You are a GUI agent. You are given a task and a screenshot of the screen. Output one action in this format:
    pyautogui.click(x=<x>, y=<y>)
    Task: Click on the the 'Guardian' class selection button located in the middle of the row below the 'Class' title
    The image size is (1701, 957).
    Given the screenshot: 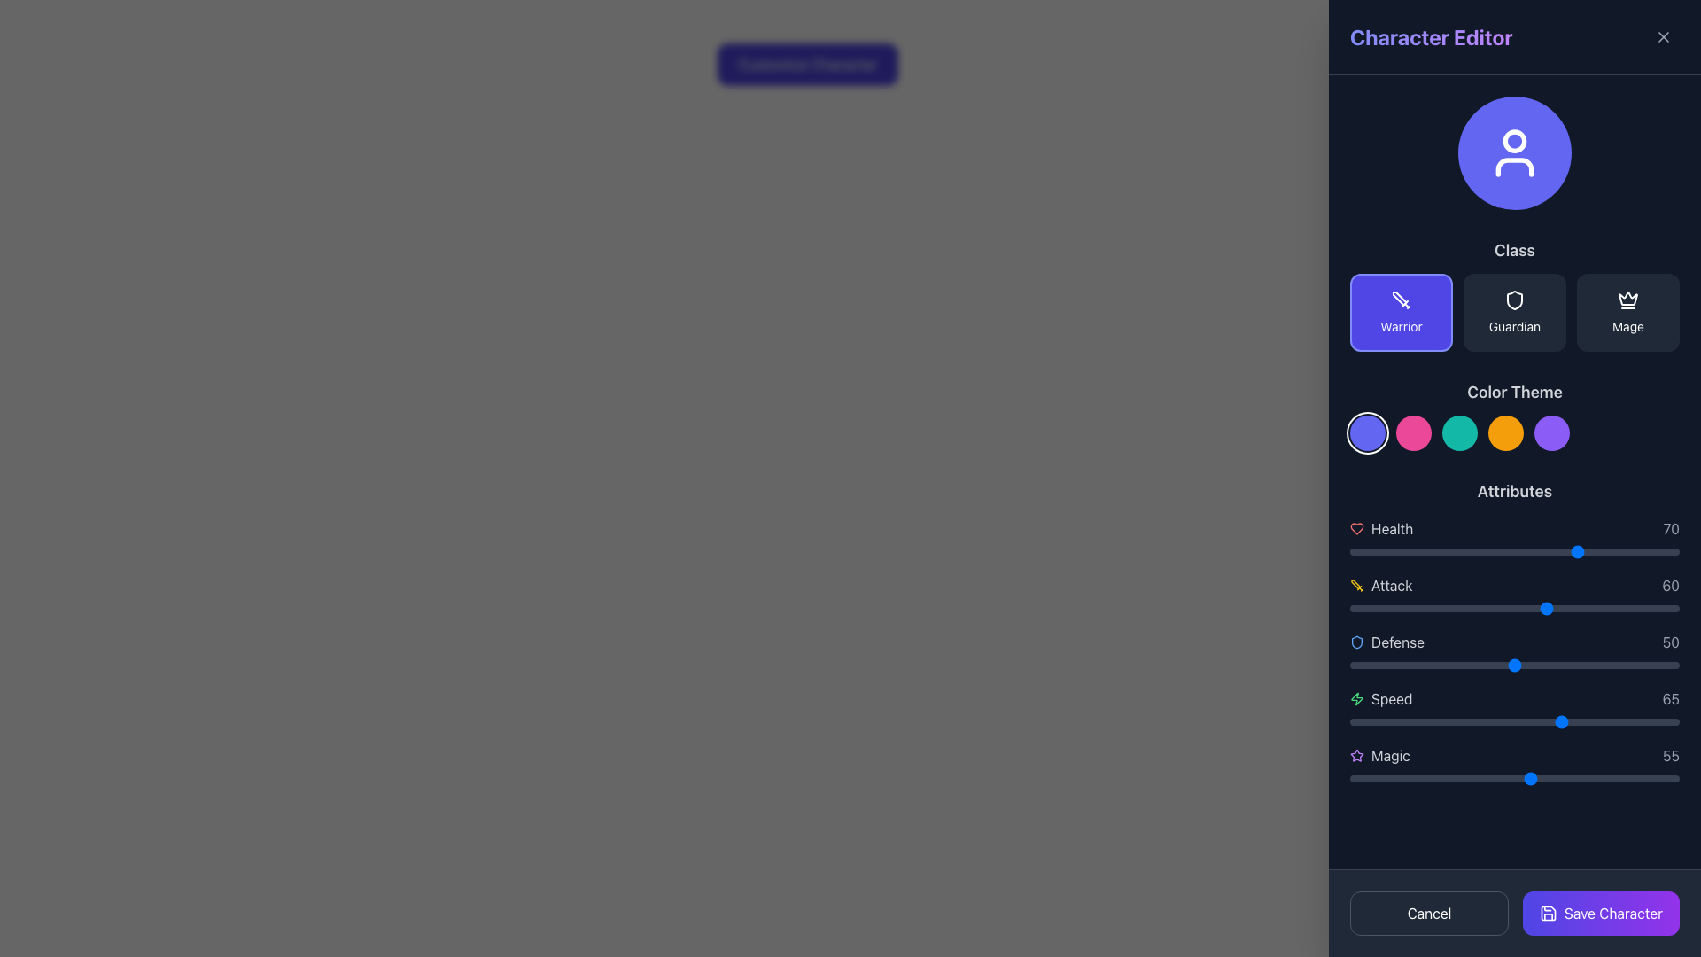 What is the action you would take?
    pyautogui.click(x=1513, y=293)
    